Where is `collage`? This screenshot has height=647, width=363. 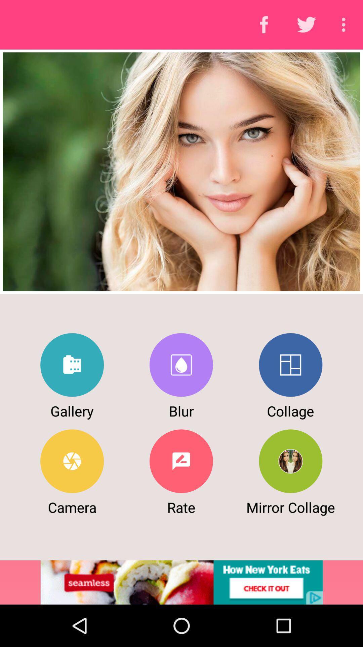 collage is located at coordinates (290, 365).